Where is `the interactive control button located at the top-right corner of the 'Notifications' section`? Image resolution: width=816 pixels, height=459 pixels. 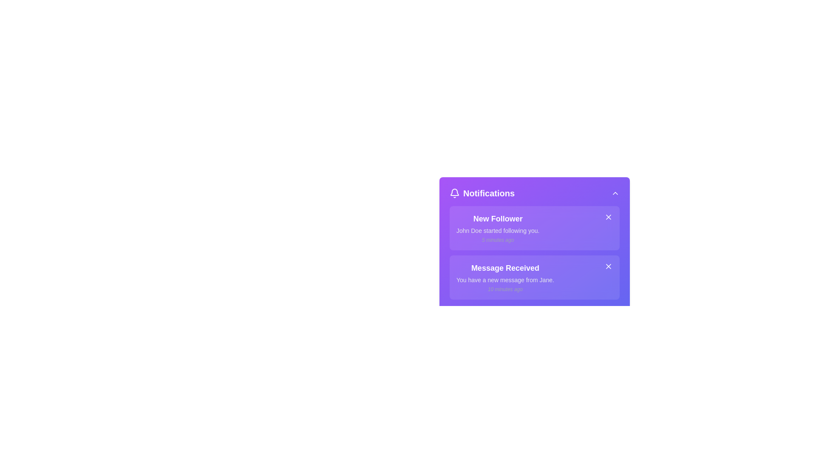
the interactive control button located at the top-right corner of the 'Notifications' section is located at coordinates (615, 193).